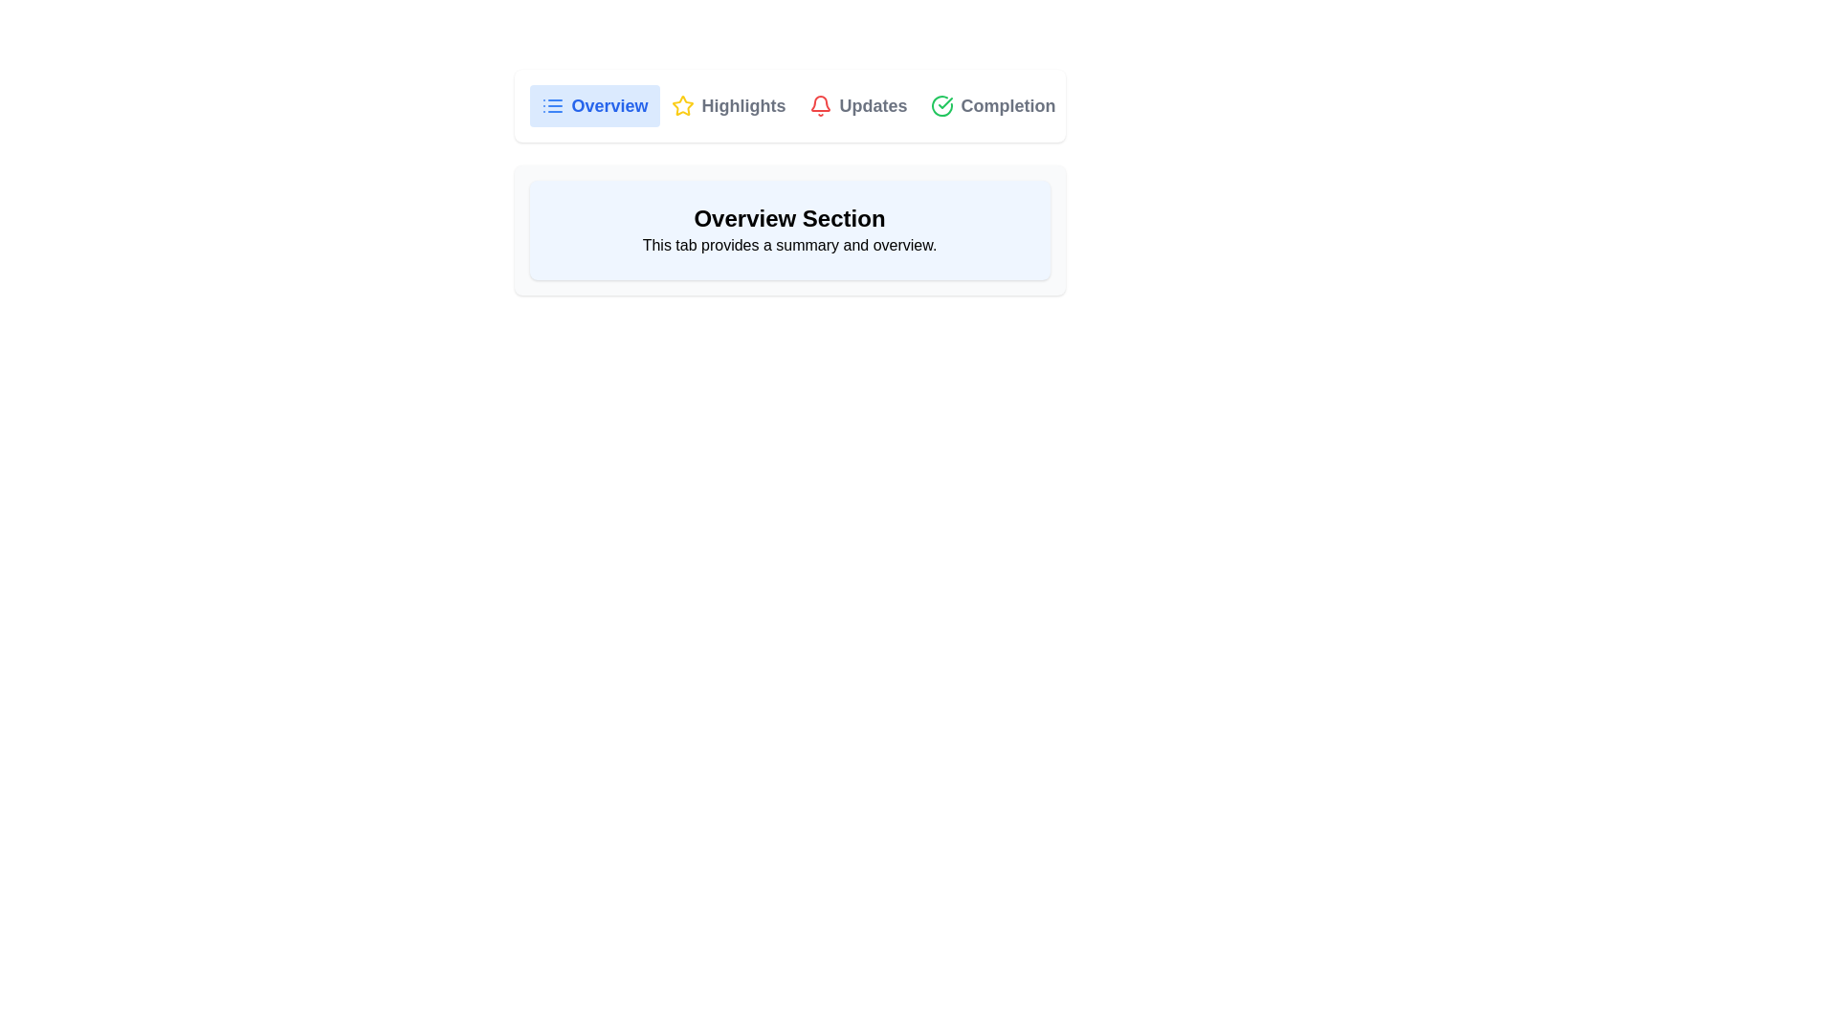 The width and height of the screenshot is (1837, 1033). I want to click on the green checkmark icon within a circular boundary located at the upper right section of the interface, so click(945, 103).